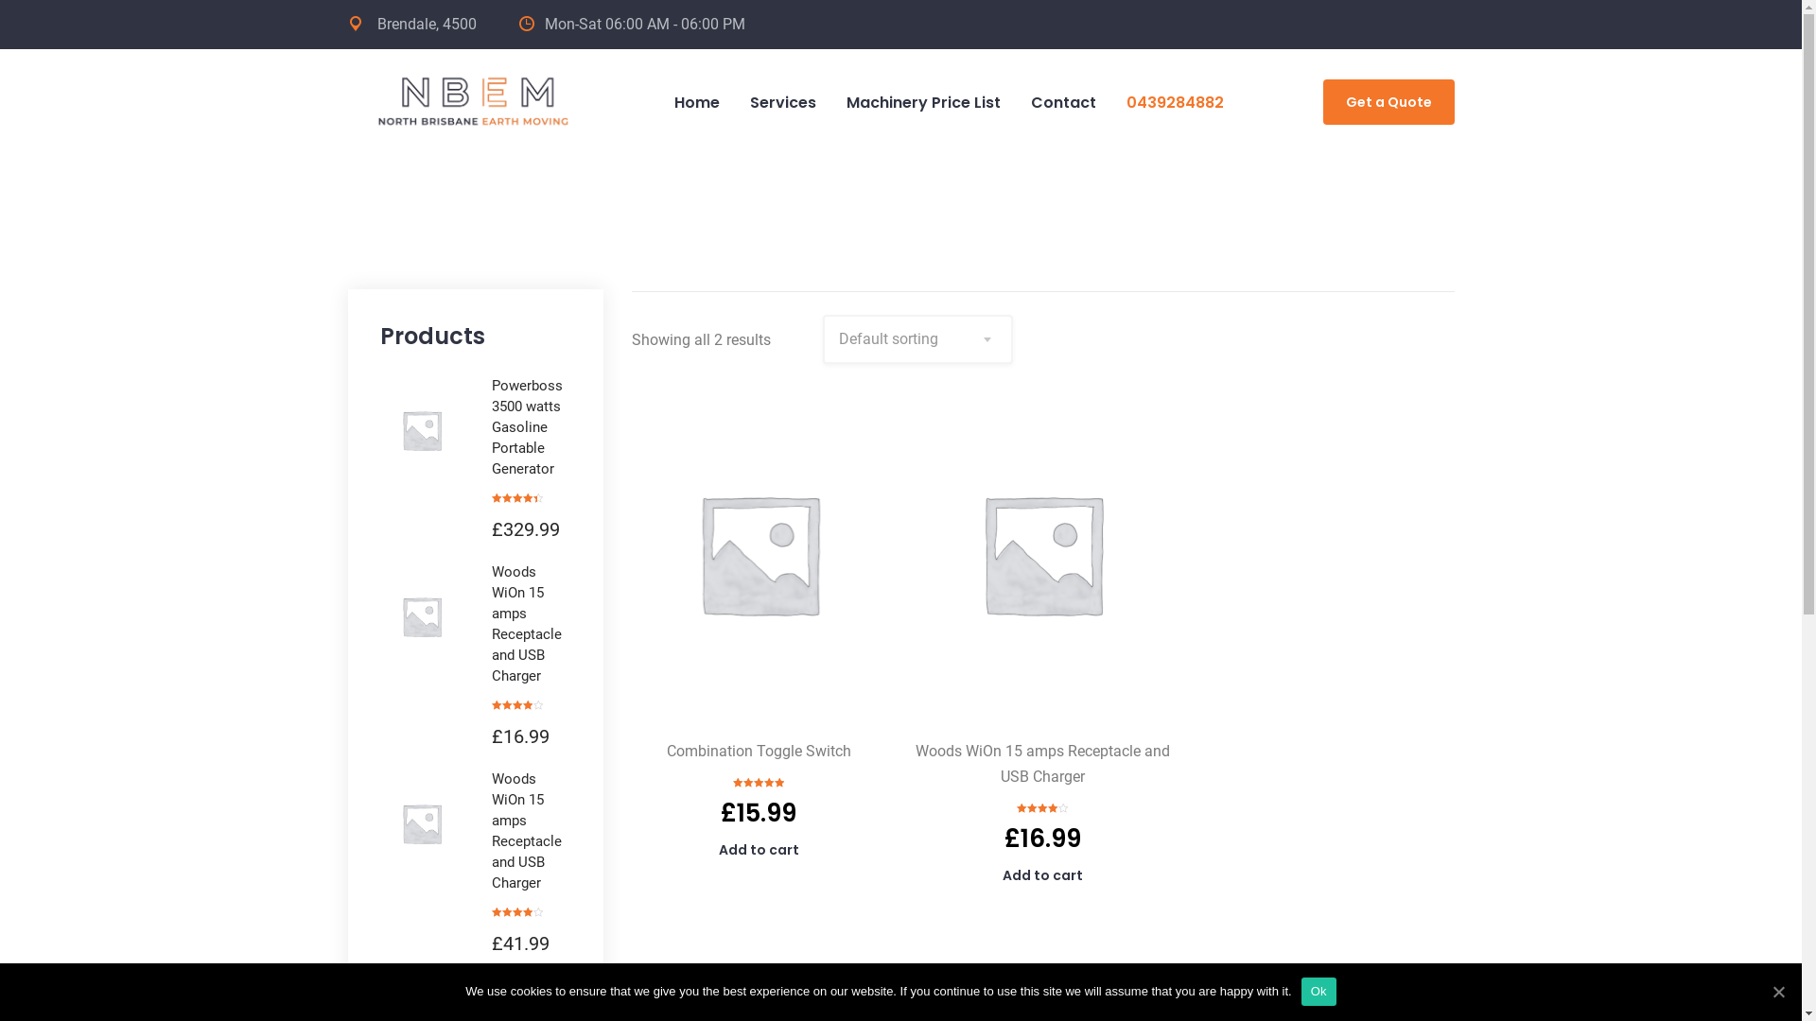 This screenshot has width=1816, height=1021. I want to click on 'Woods WiOn 15 amps Receptacle and USB Charger', so click(491, 623).